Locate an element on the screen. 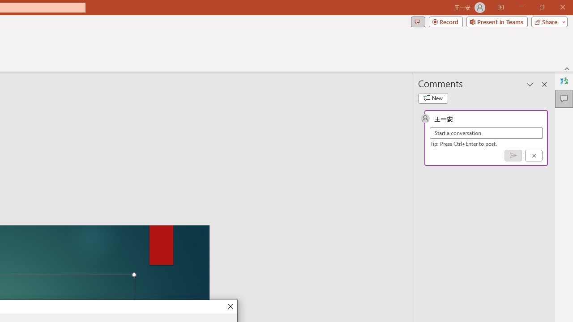 The height and width of the screenshot is (322, 573). 'Collapse the Ribbon' is located at coordinates (567, 68).